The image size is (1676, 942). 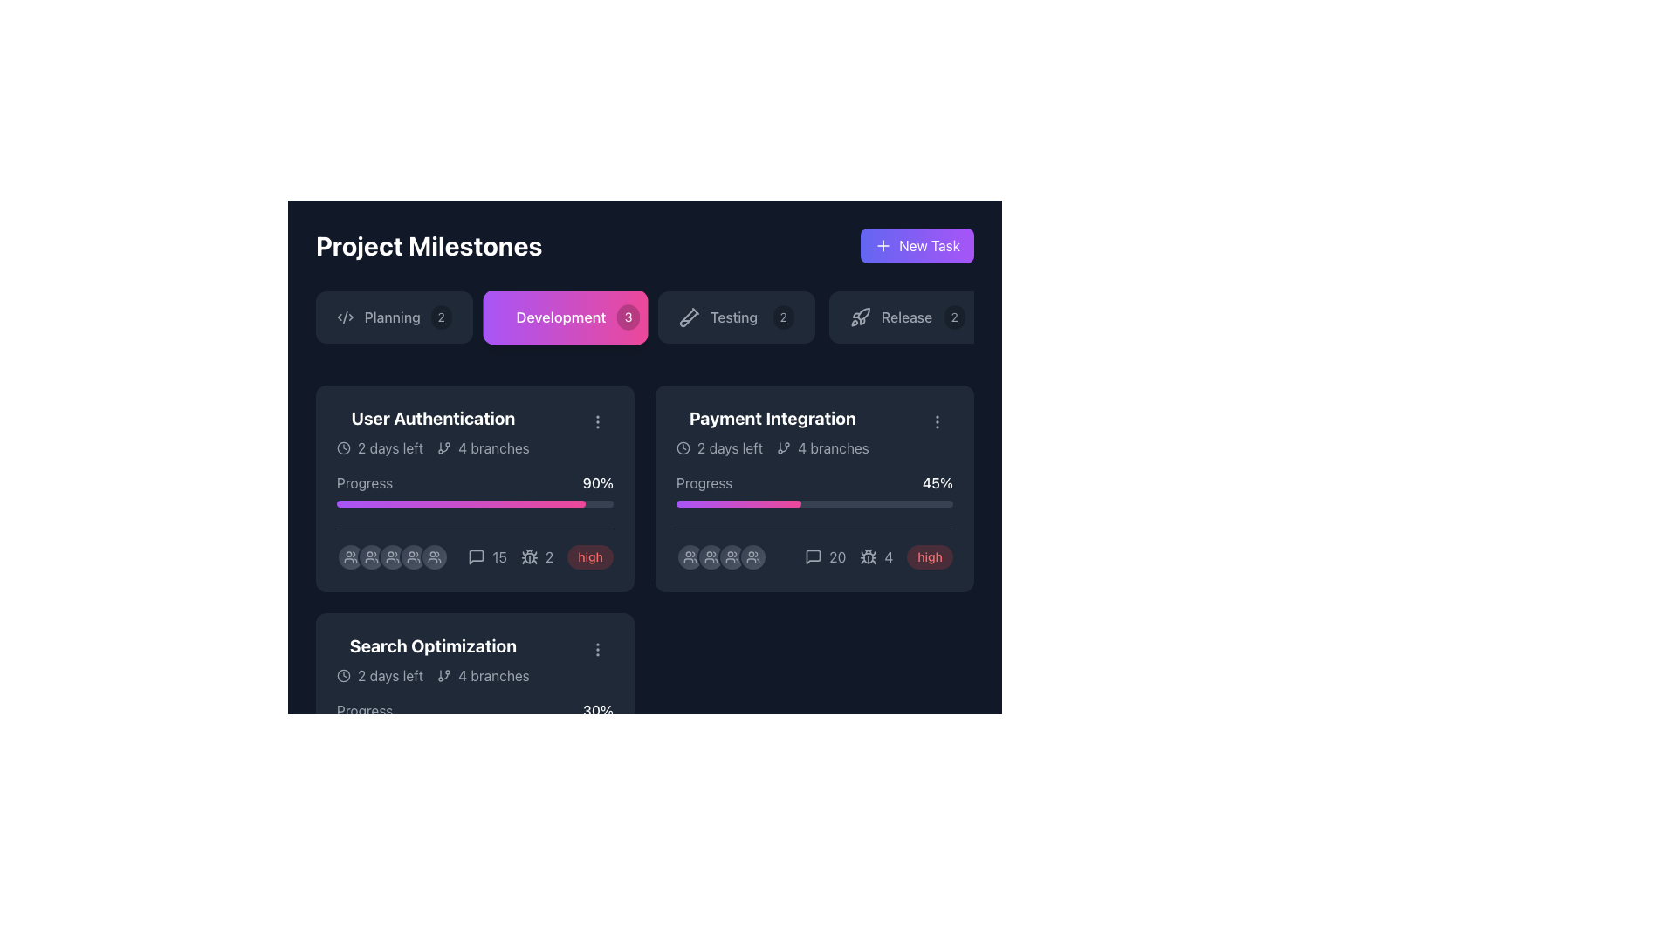 I want to click on the icon indicating the number of comments/messages related to the User Authentication task, so click(x=477, y=557).